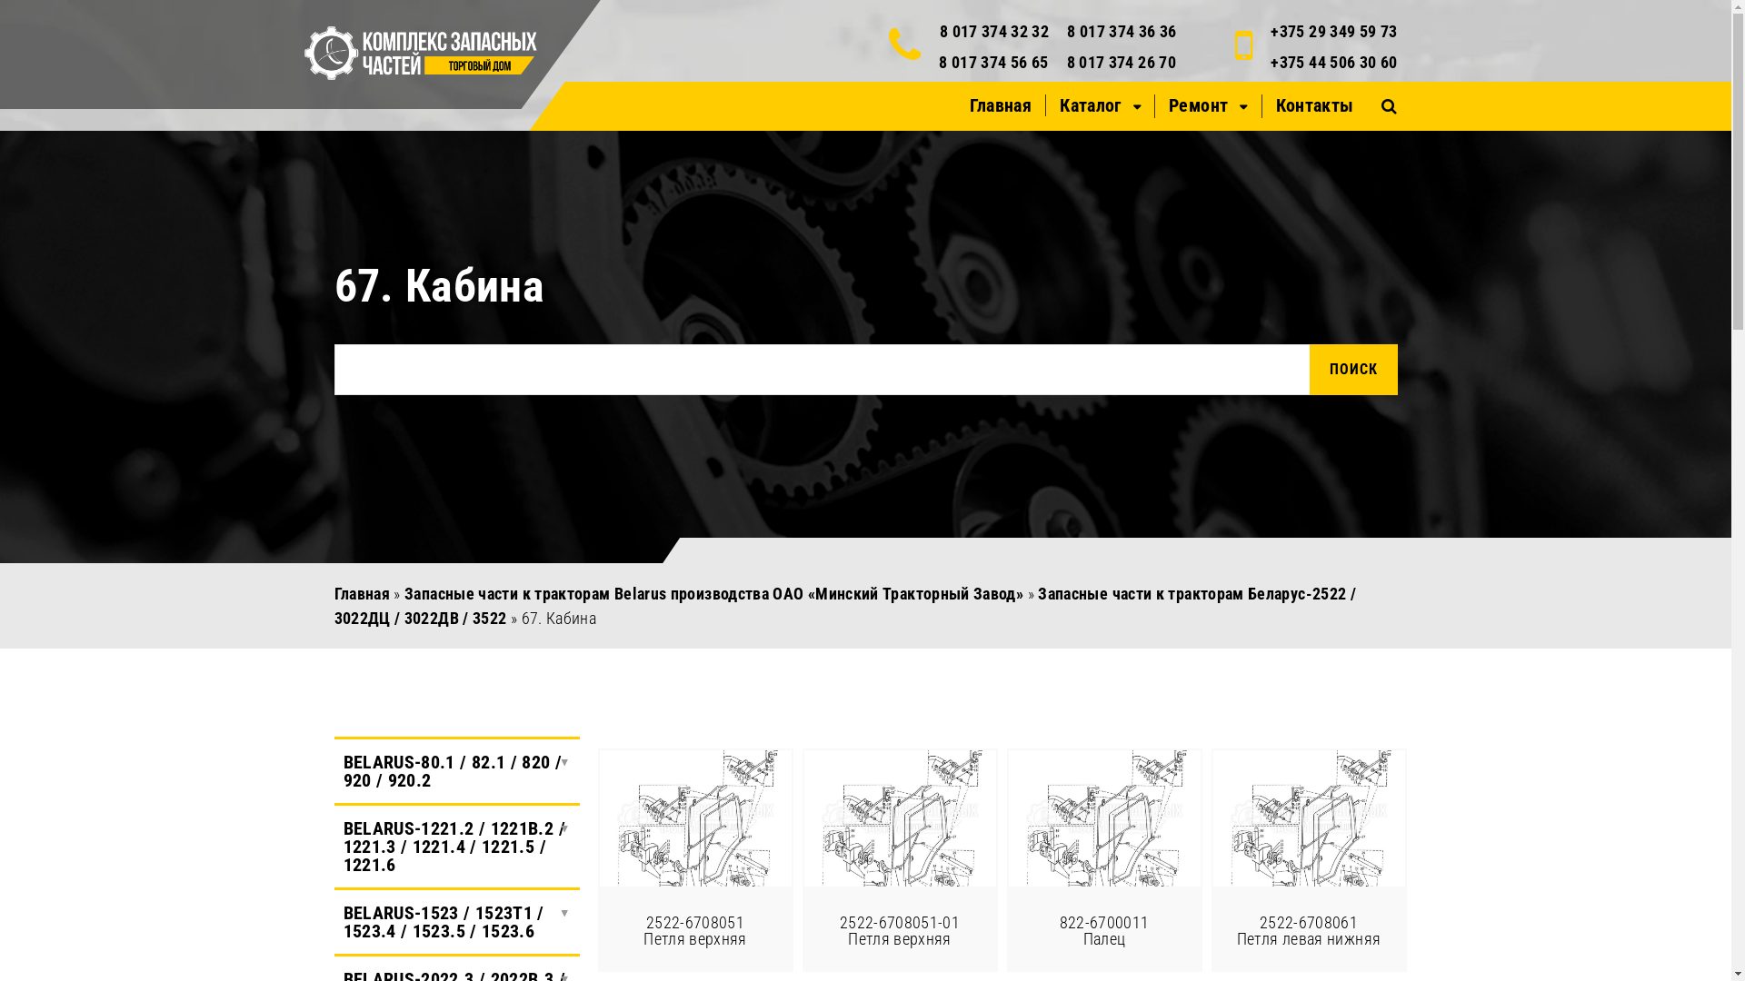 The width and height of the screenshot is (1745, 981). Describe the element at coordinates (457, 847) in the screenshot. I see `'BELARUS-1221.2 / 1221B.2 / 1221.3 / 1221.4 / 1221.5 / 1221.6'` at that location.